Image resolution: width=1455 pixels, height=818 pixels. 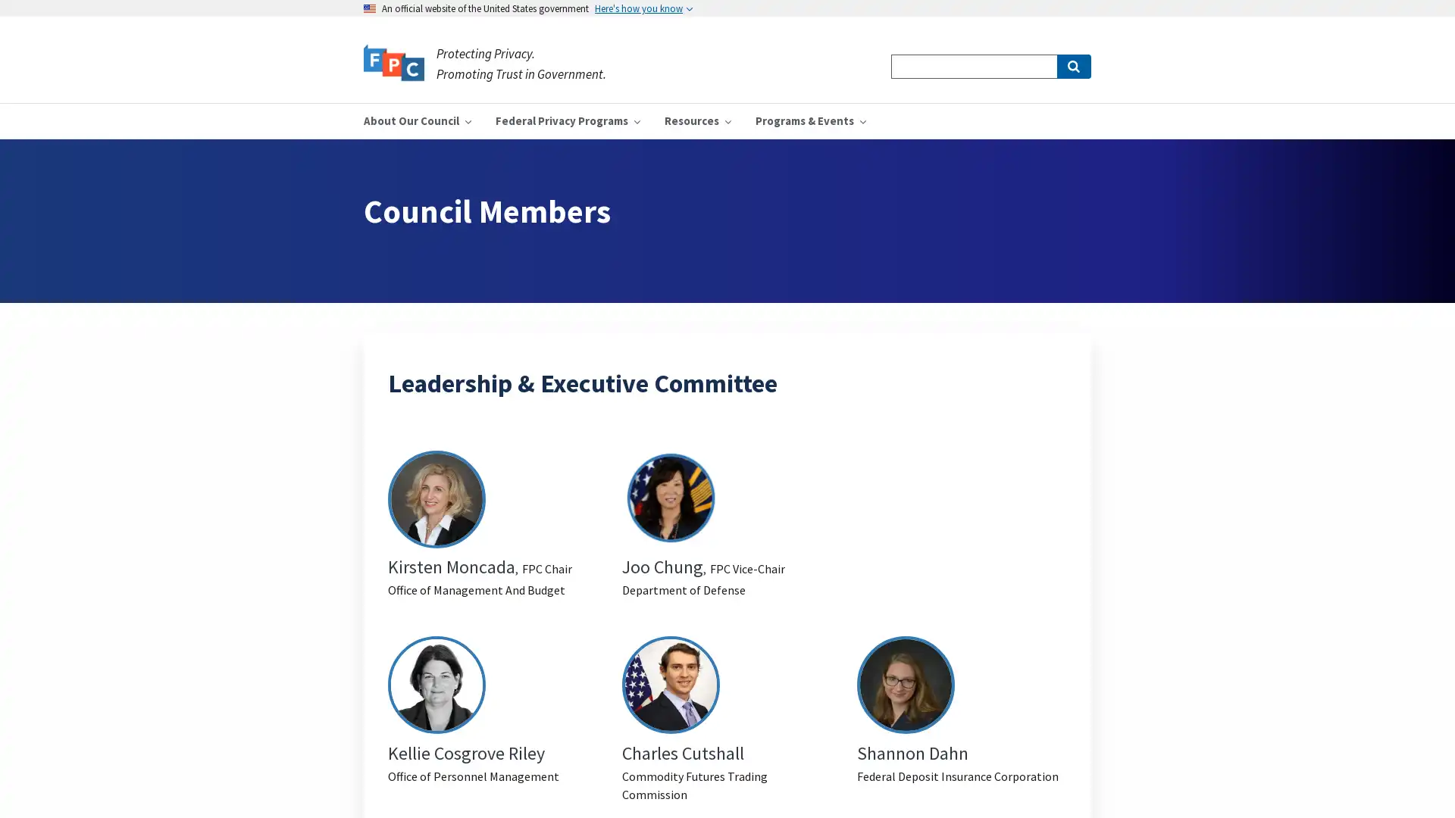 What do you see at coordinates (1072, 66) in the screenshot?
I see `Search` at bounding box center [1072, 66].